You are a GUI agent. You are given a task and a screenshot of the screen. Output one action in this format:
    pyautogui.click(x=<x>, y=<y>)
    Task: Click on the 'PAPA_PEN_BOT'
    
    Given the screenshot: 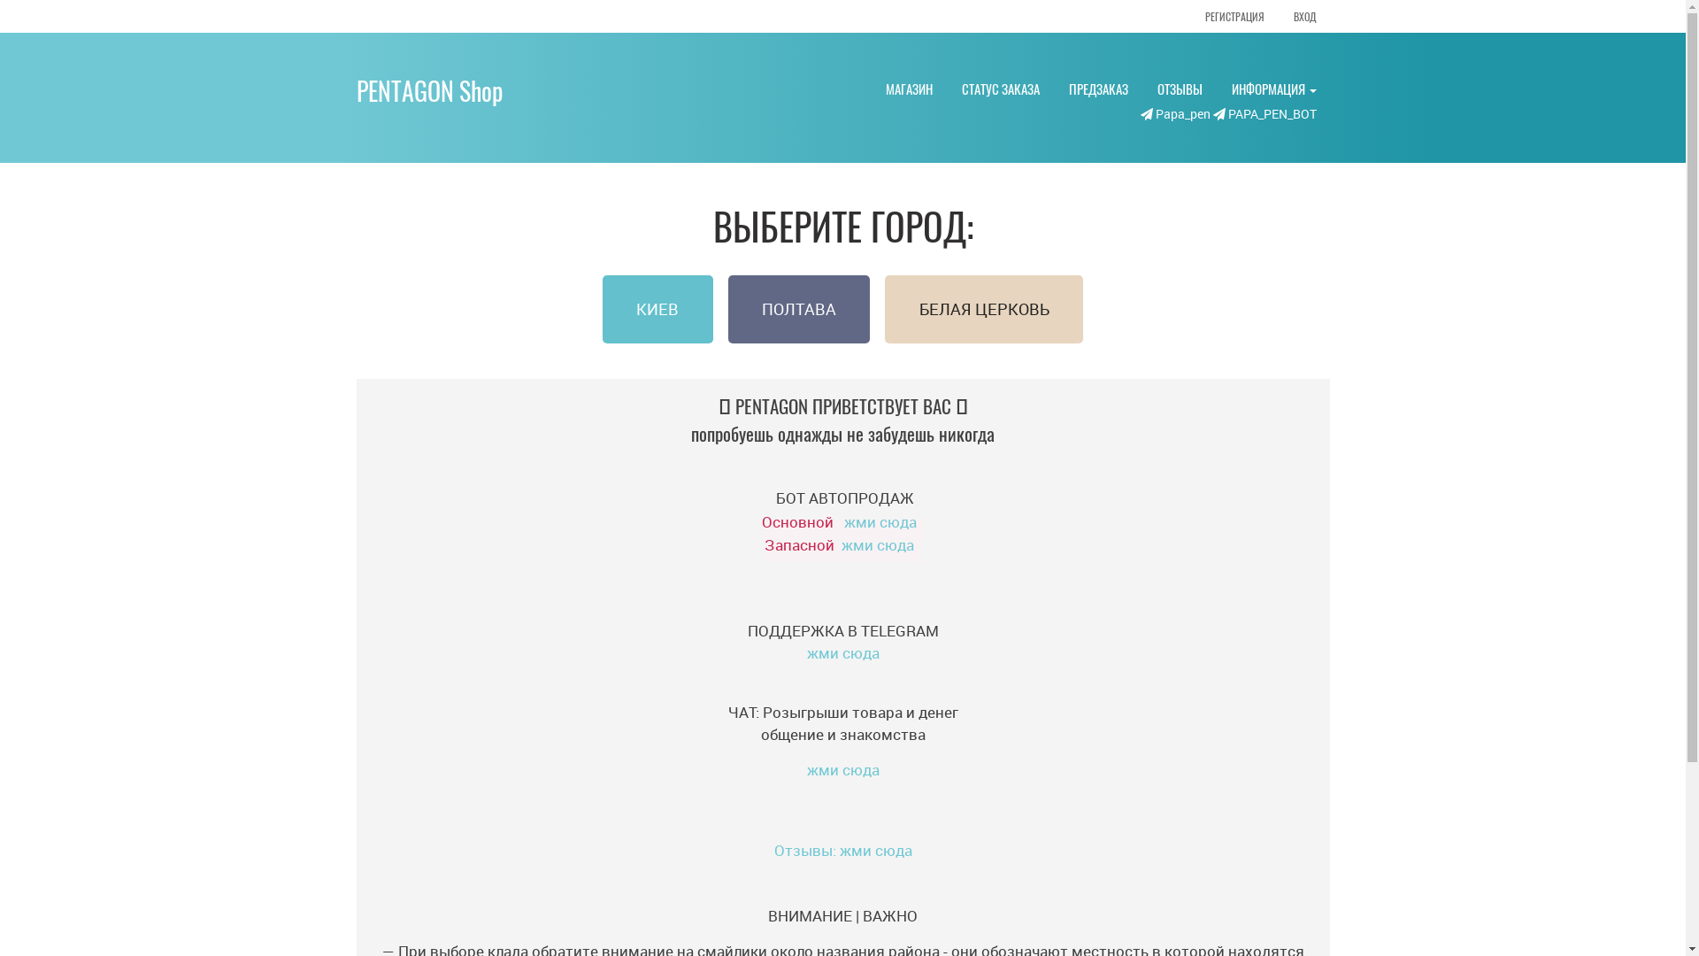 What is the action you would take?
    pyautogui.click(x=1263, y=113)
    